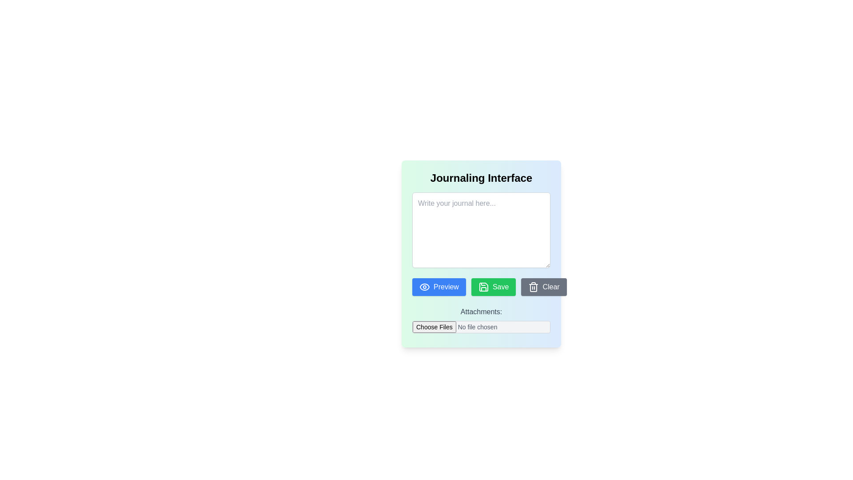 Image resolution: width=853 pixels, height=480 pixels. Describe the element at coordinates (533, 287) in the screenshot. I see `the trash can icon located inside the 'Clear' button at the bottom right of the journaling interface` at that location.